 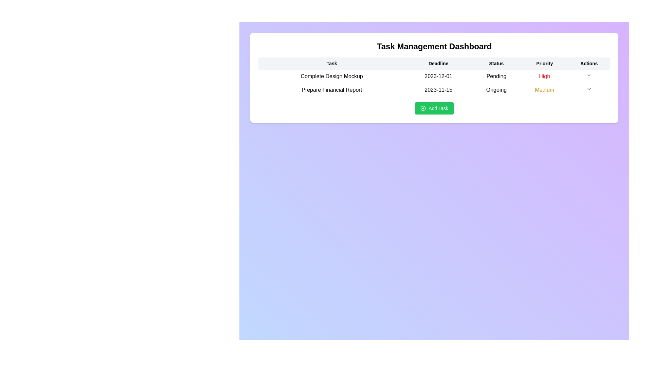 What do you see at coordinates (496, 76) in the screenshot?
I see `the status indicator text label displaying 'Pending' in the third column of the task table` at bounding box center [496, 76].